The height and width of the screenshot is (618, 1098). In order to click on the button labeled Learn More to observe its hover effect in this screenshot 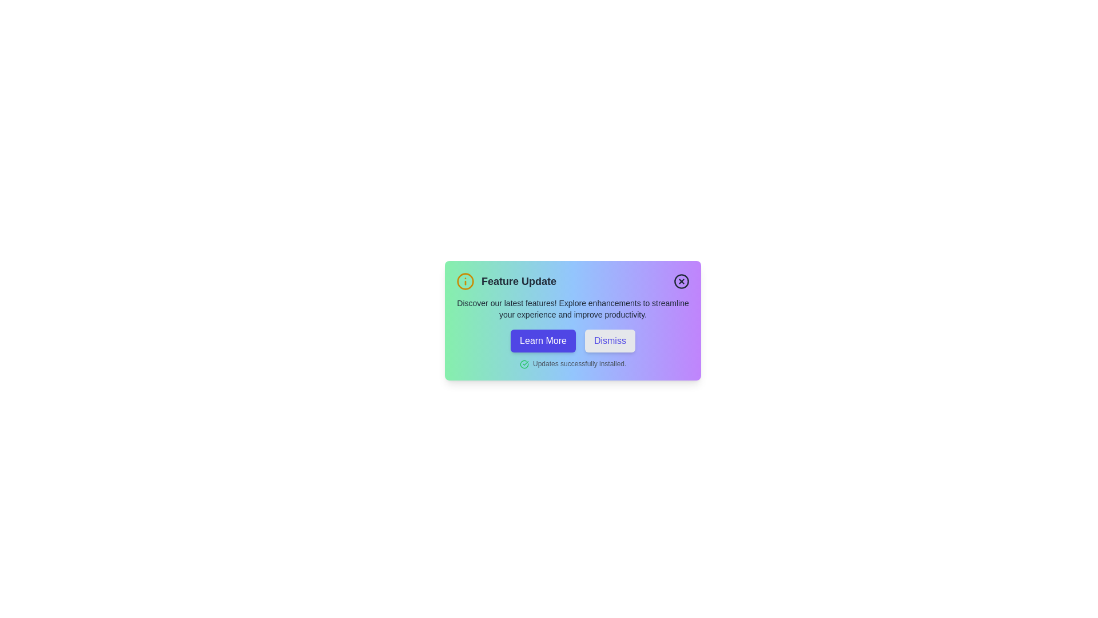, I will do `click(543, 340)`.